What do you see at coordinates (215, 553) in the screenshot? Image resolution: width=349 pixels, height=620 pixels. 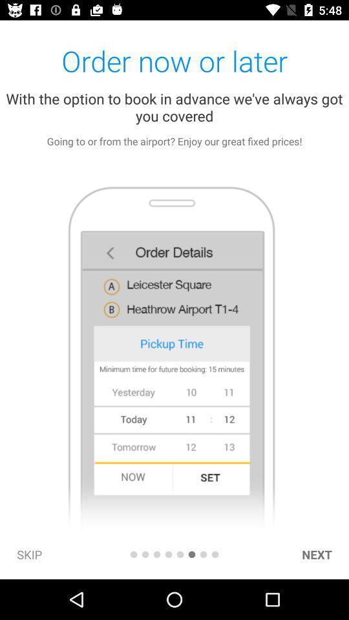 I see `the item next to the next icon` at bounding box center [215, 553].